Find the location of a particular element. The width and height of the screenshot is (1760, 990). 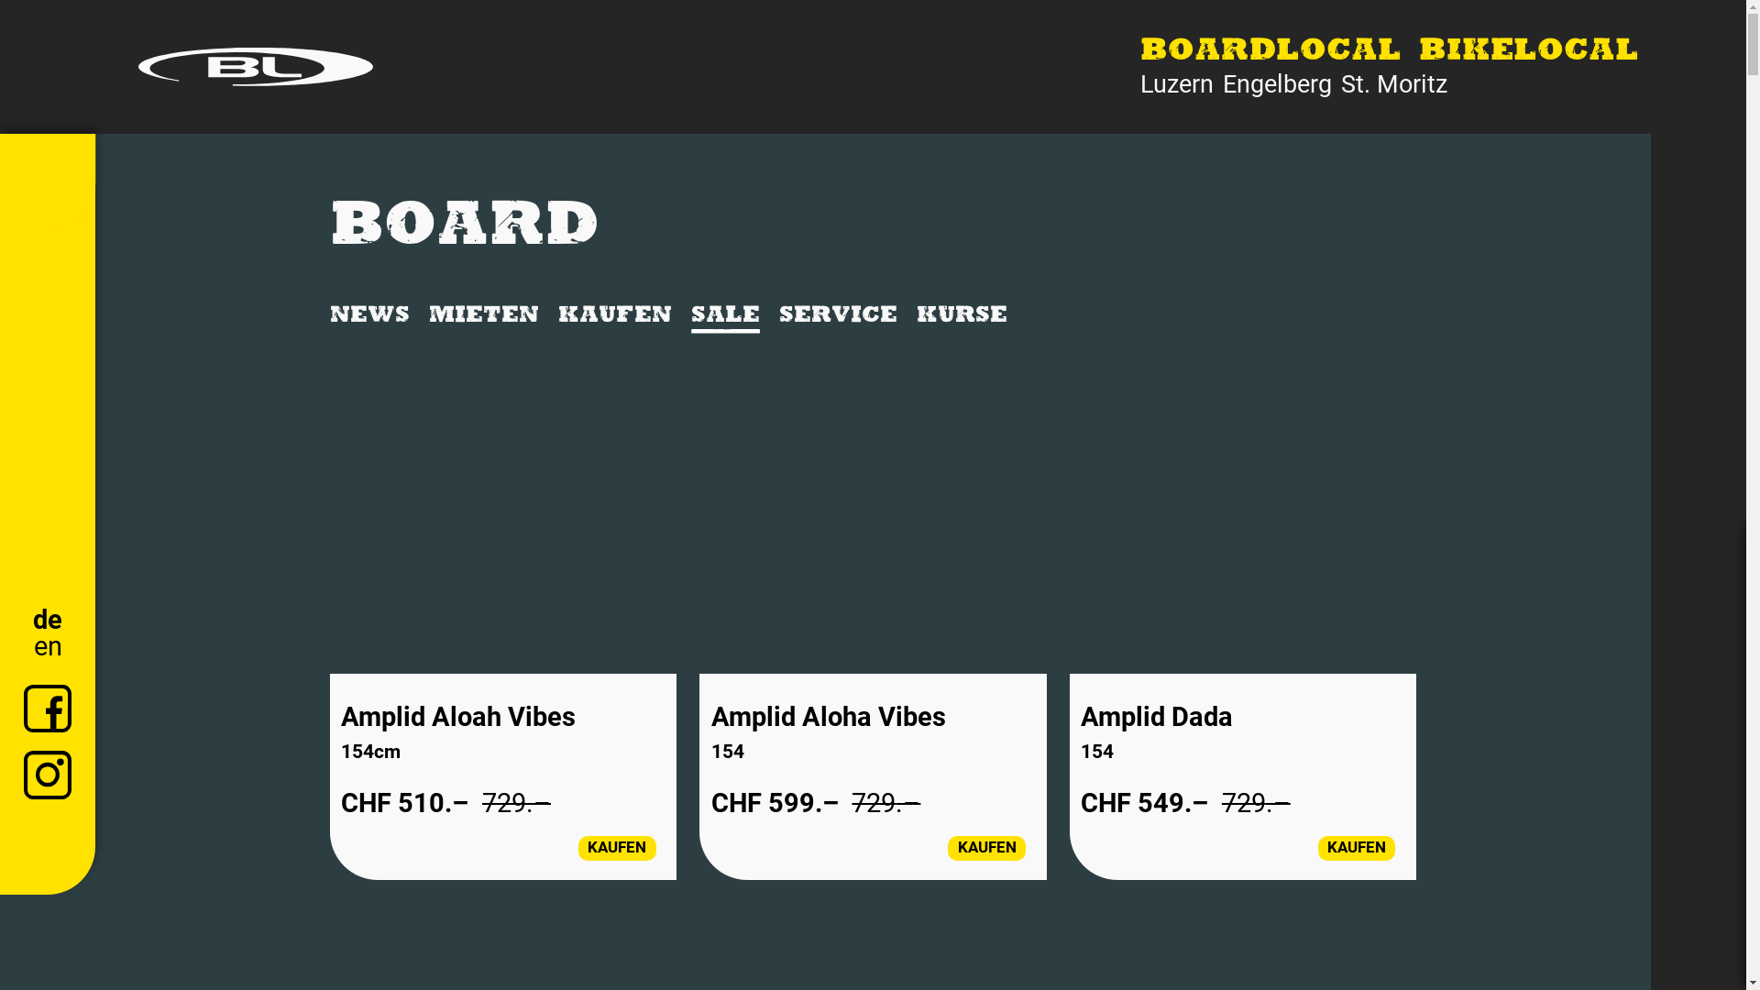

'de' is located at coordinates (48, 619).